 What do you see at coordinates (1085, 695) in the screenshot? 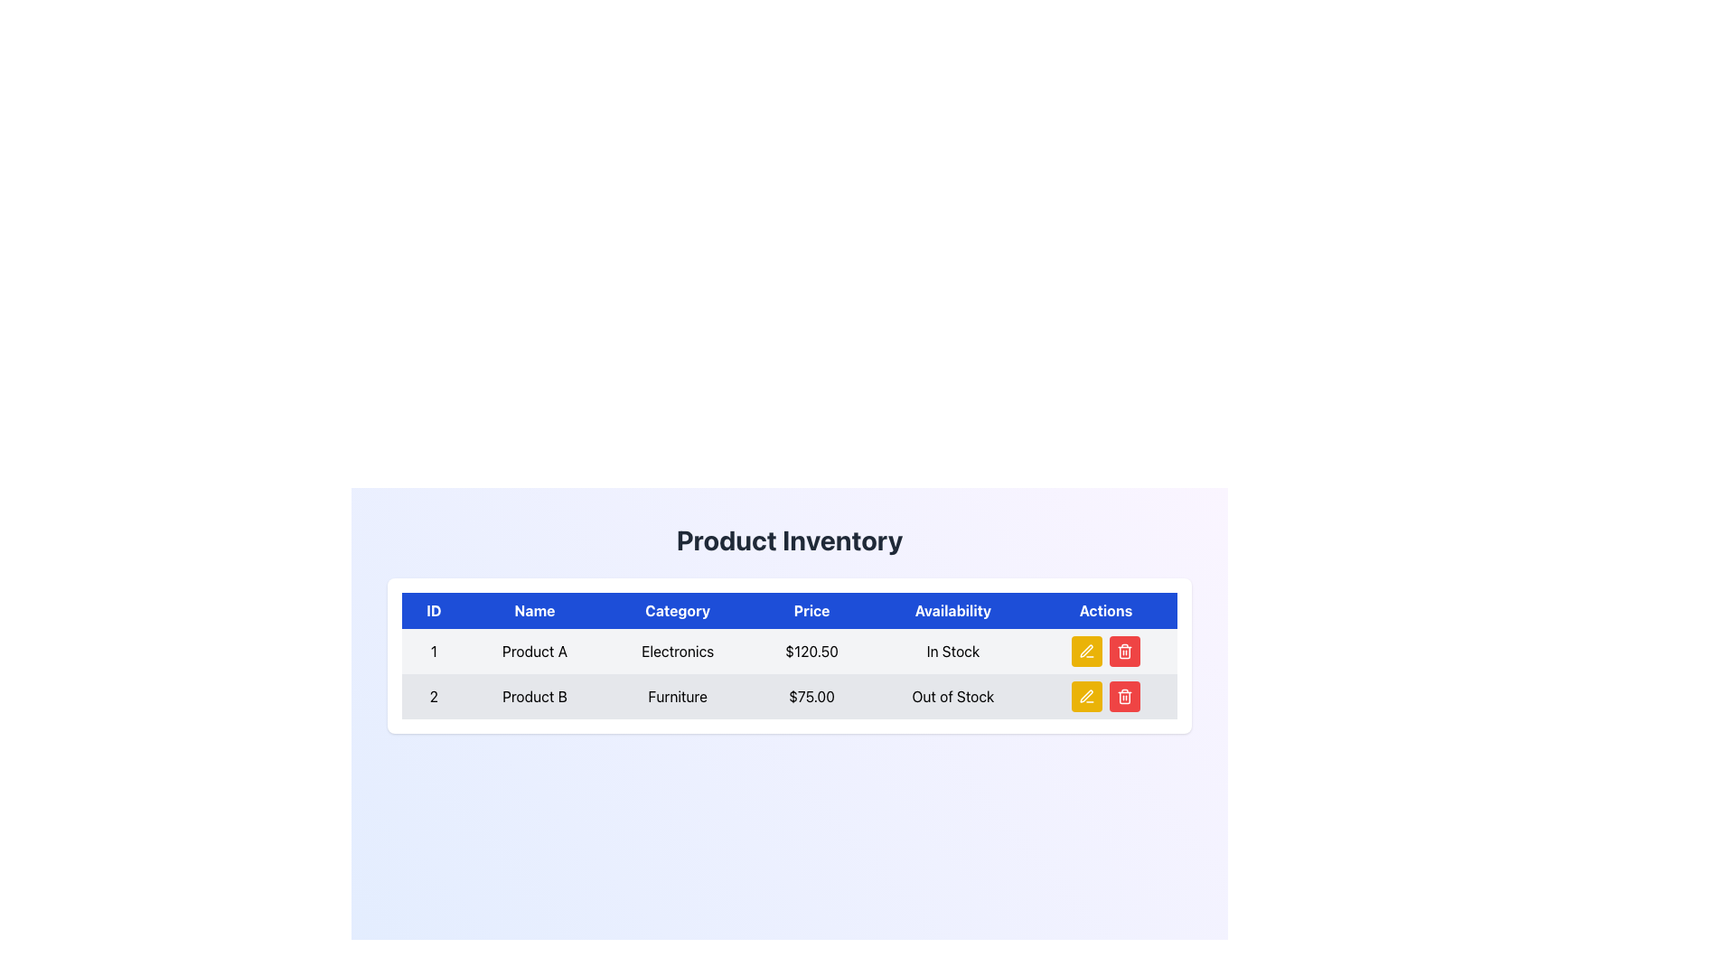
I see `the edit icon in the Actions column of the second row in the table, which is represented by a pen graphic and located near the trash can icon` at bounding box center [1085, 695].